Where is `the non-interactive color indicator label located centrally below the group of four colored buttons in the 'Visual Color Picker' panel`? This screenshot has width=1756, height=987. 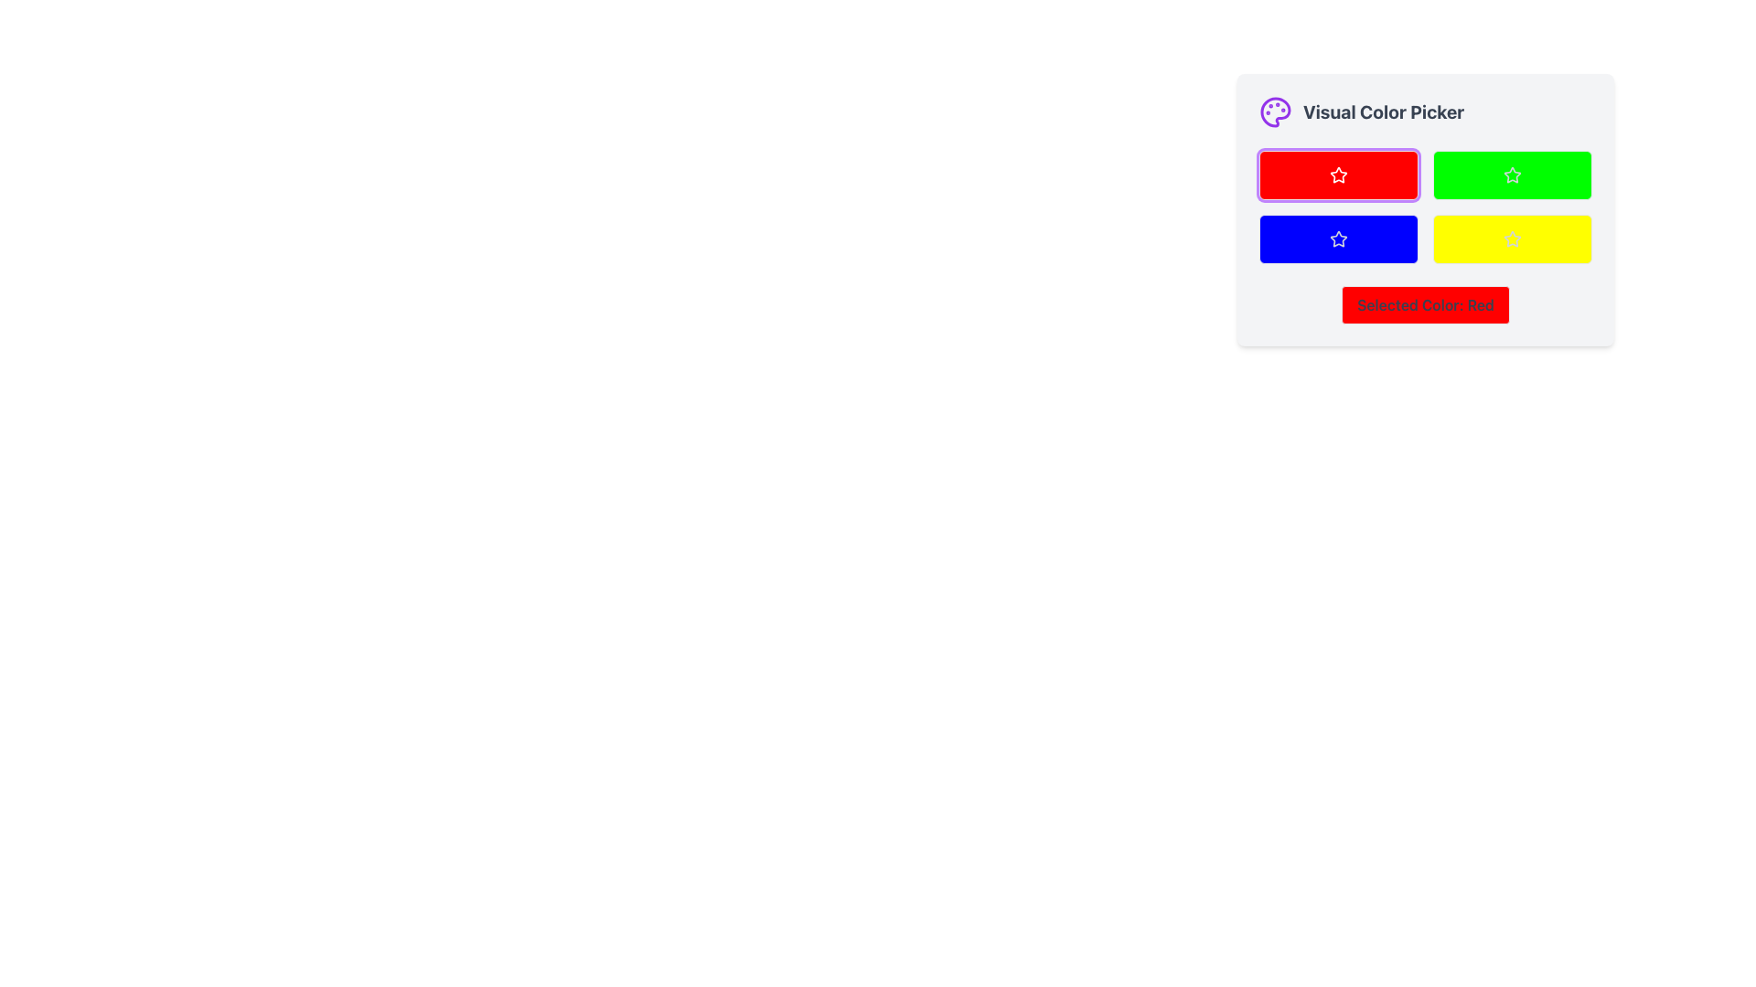
the non-interactive color indicator label located centrally below the group of four colored buttons in the 'Visual Color Picker' panel is located at coordinates (1425, 304).